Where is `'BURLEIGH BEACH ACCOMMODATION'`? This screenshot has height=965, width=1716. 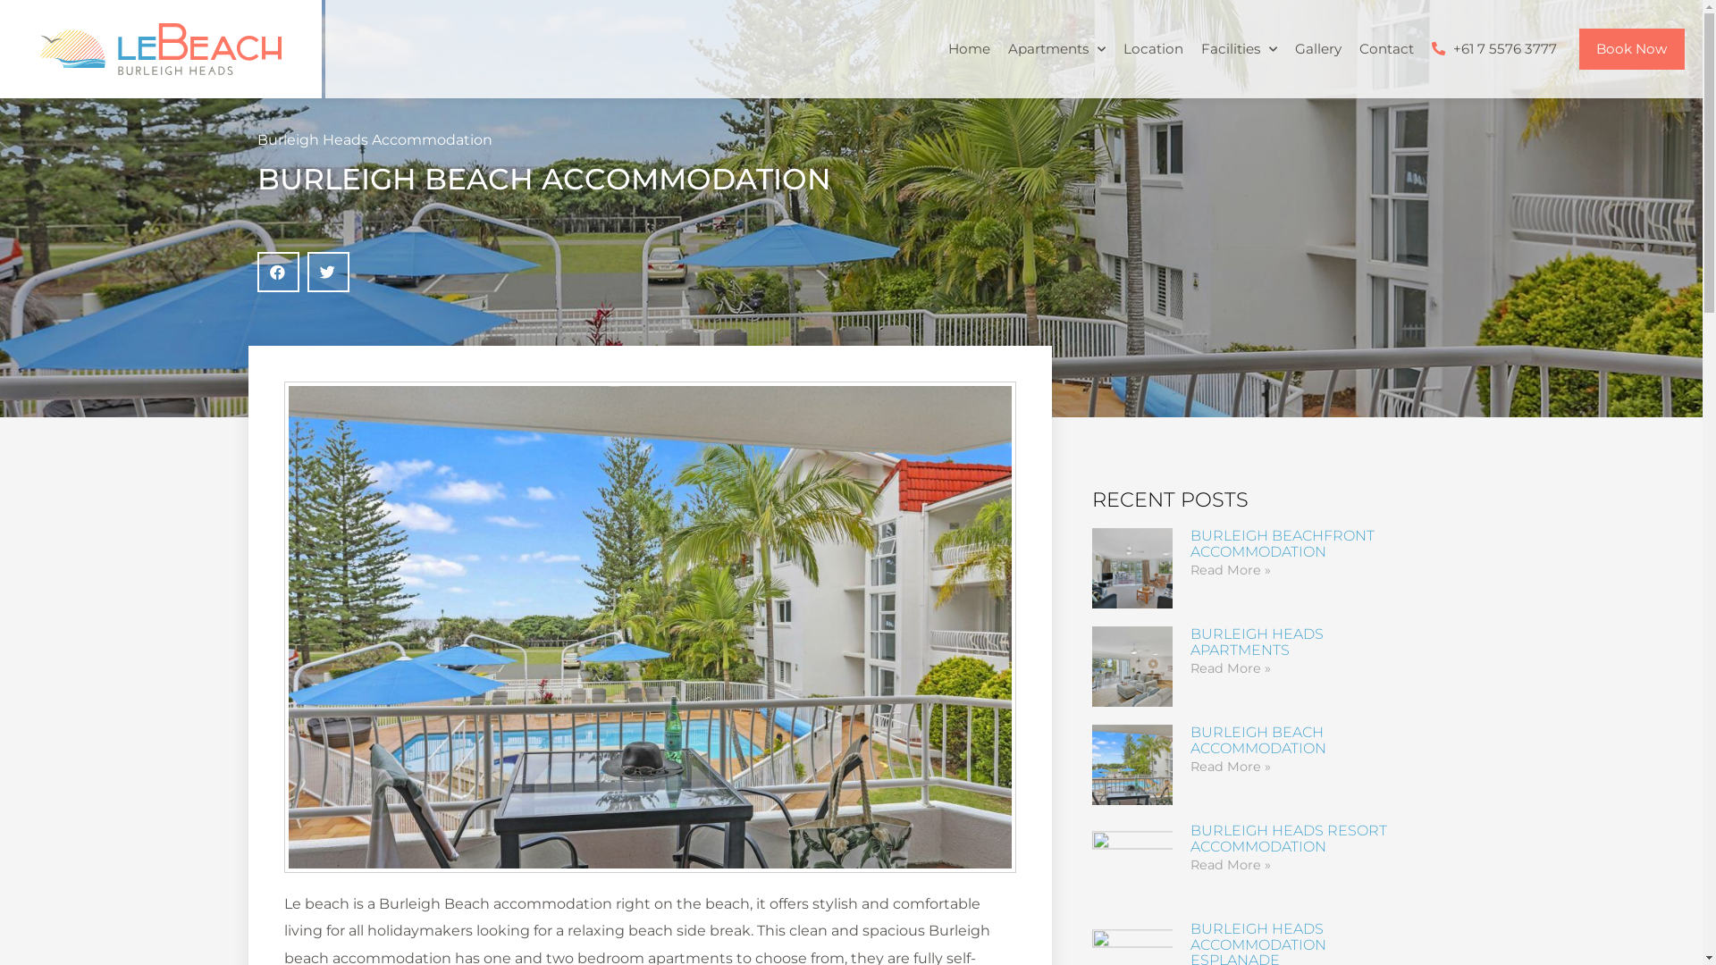
'BURLEIGH BEACH ACCOMMODATION' is located at coordinates (1257, 740).